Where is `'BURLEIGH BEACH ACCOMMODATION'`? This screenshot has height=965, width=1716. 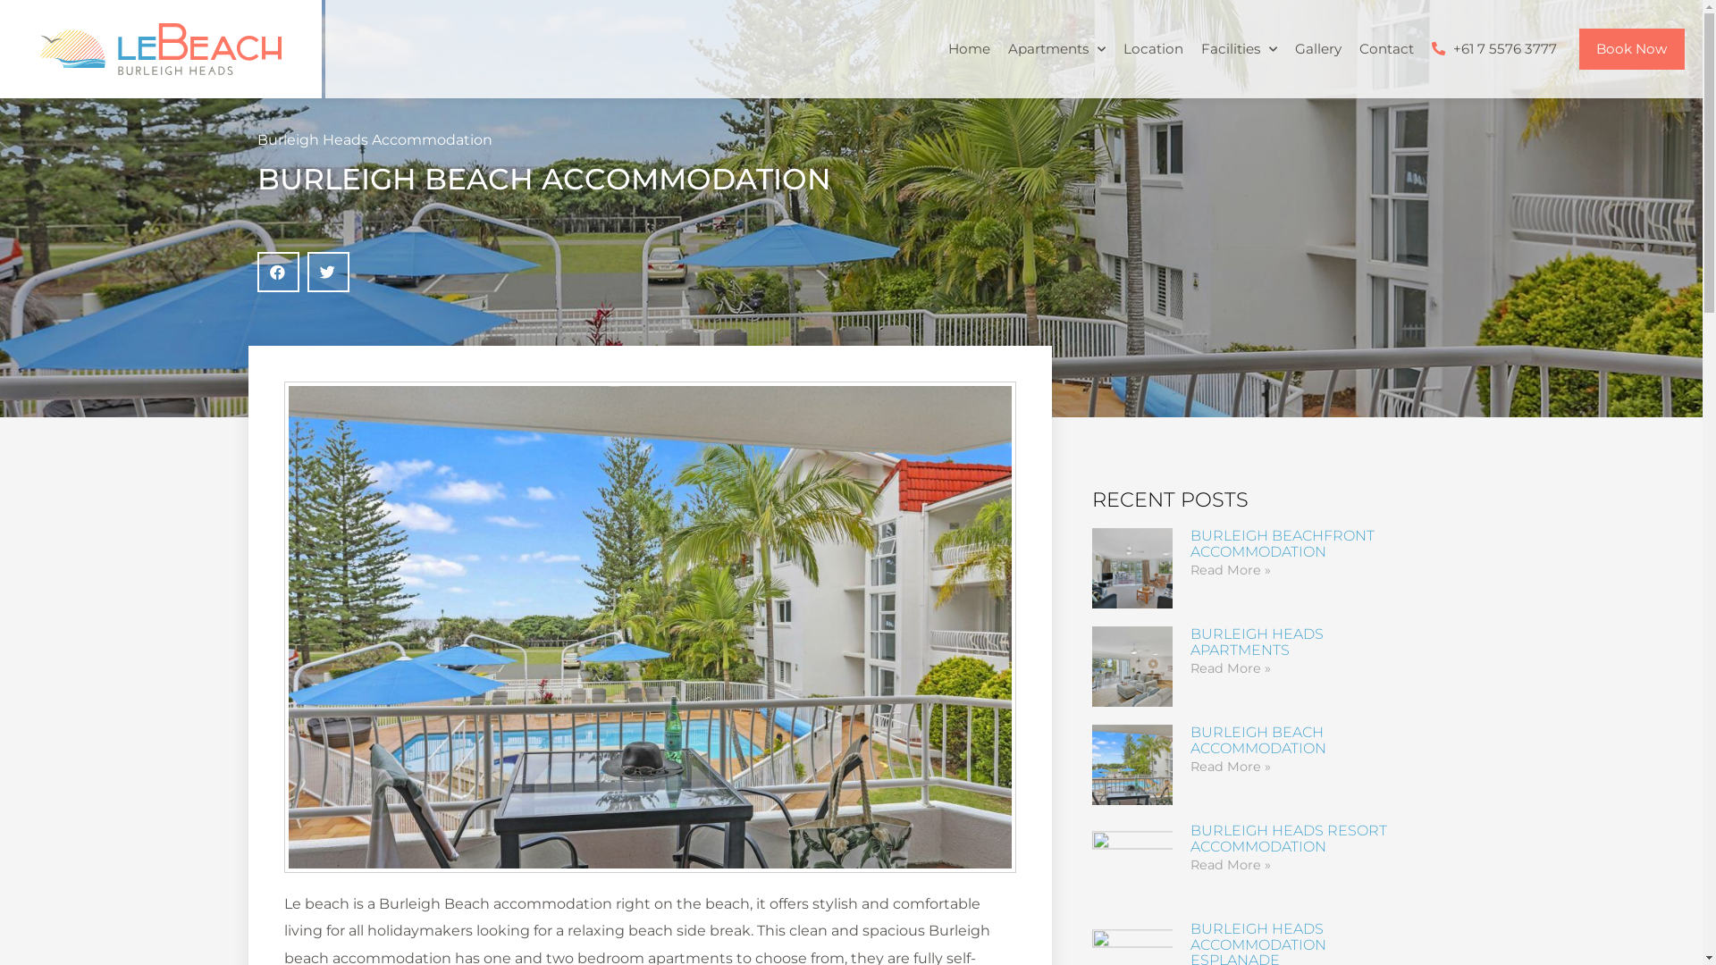
'BURLEIGH BEACH ACCOMMODATION' is located at coordinates (1257, 740).